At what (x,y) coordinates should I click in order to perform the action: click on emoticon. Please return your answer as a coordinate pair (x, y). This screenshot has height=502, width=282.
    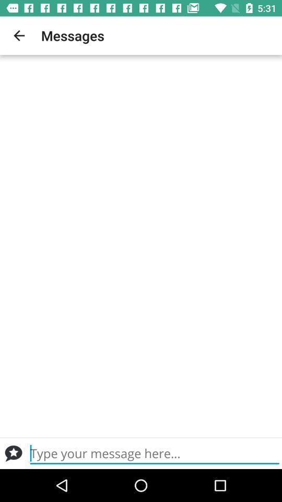
    Looking at the image, I should click on (13, 453).